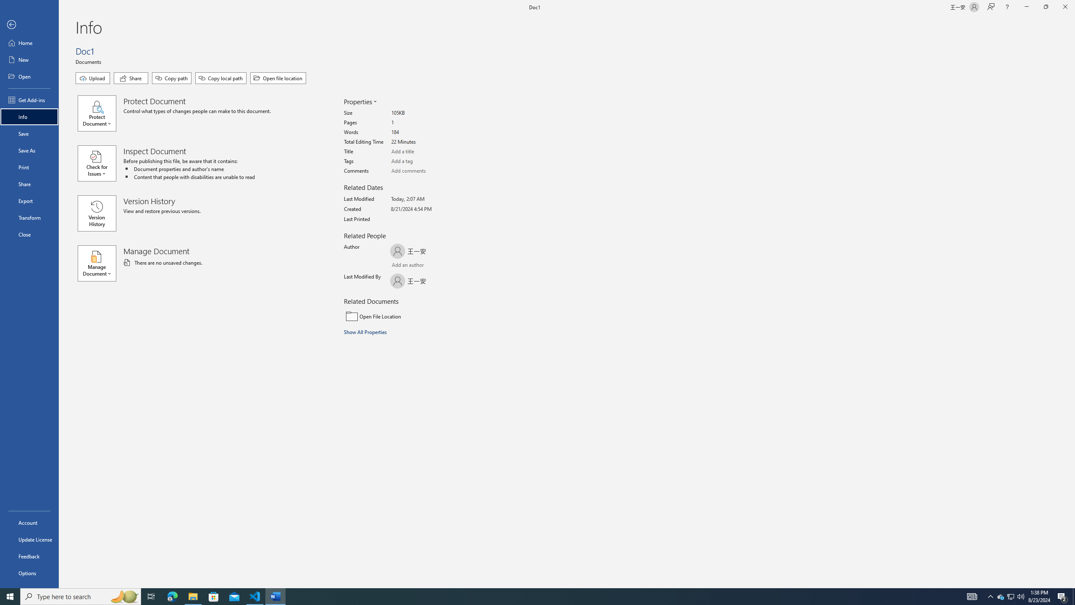 The width and height of the screenshot is (1075, 605). I want to click on 'Total Editing Time', so click(422, 142).